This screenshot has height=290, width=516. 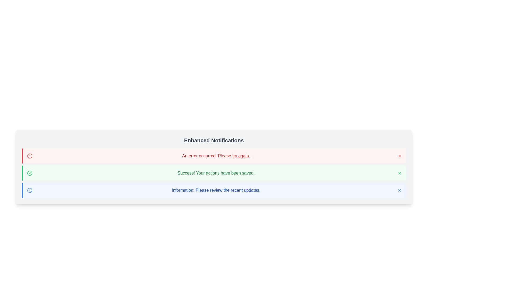 I want to click on the clickable link within the error message 'An error occurred. Please try again.' located in the uppermost notification panel with a red background, so click(x=240, y=156).